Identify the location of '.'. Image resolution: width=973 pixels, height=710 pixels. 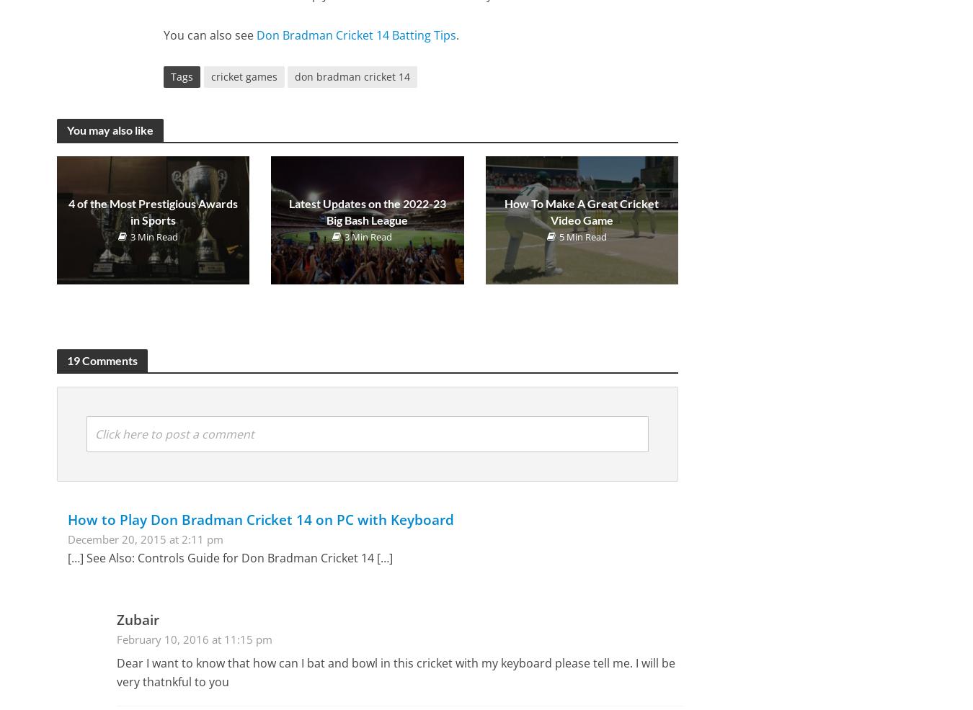
(458, 35).